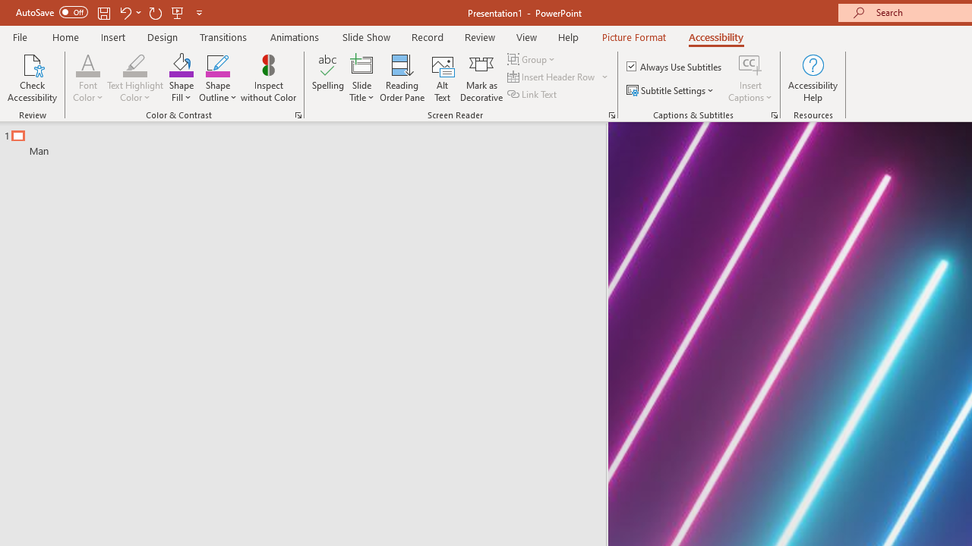 The width and height of the screenshot is (972, 546). What do you see at coordinates (327, 78) in the screenshot?
I see `'Spelling...'` at bounding box center [327, 78].